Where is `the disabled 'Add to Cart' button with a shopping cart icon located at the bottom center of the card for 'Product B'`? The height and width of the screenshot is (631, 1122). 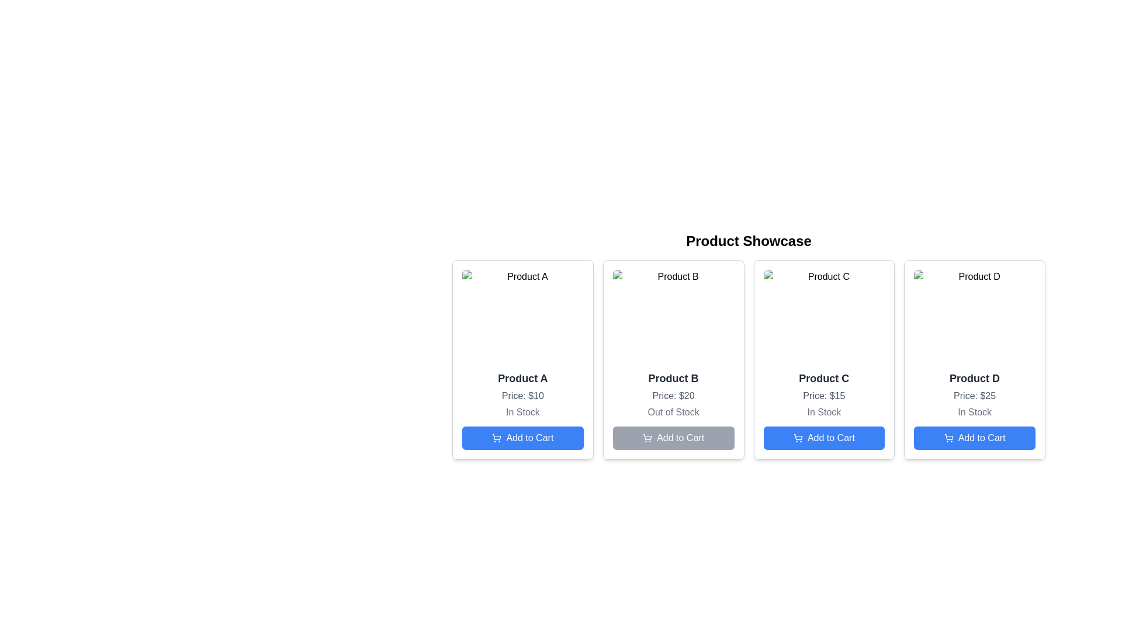 the disabled 'Add to Cart' button with a shopping cart icon located at the bottom center of the card for 'Product B' is located at coordinates (673, 438).